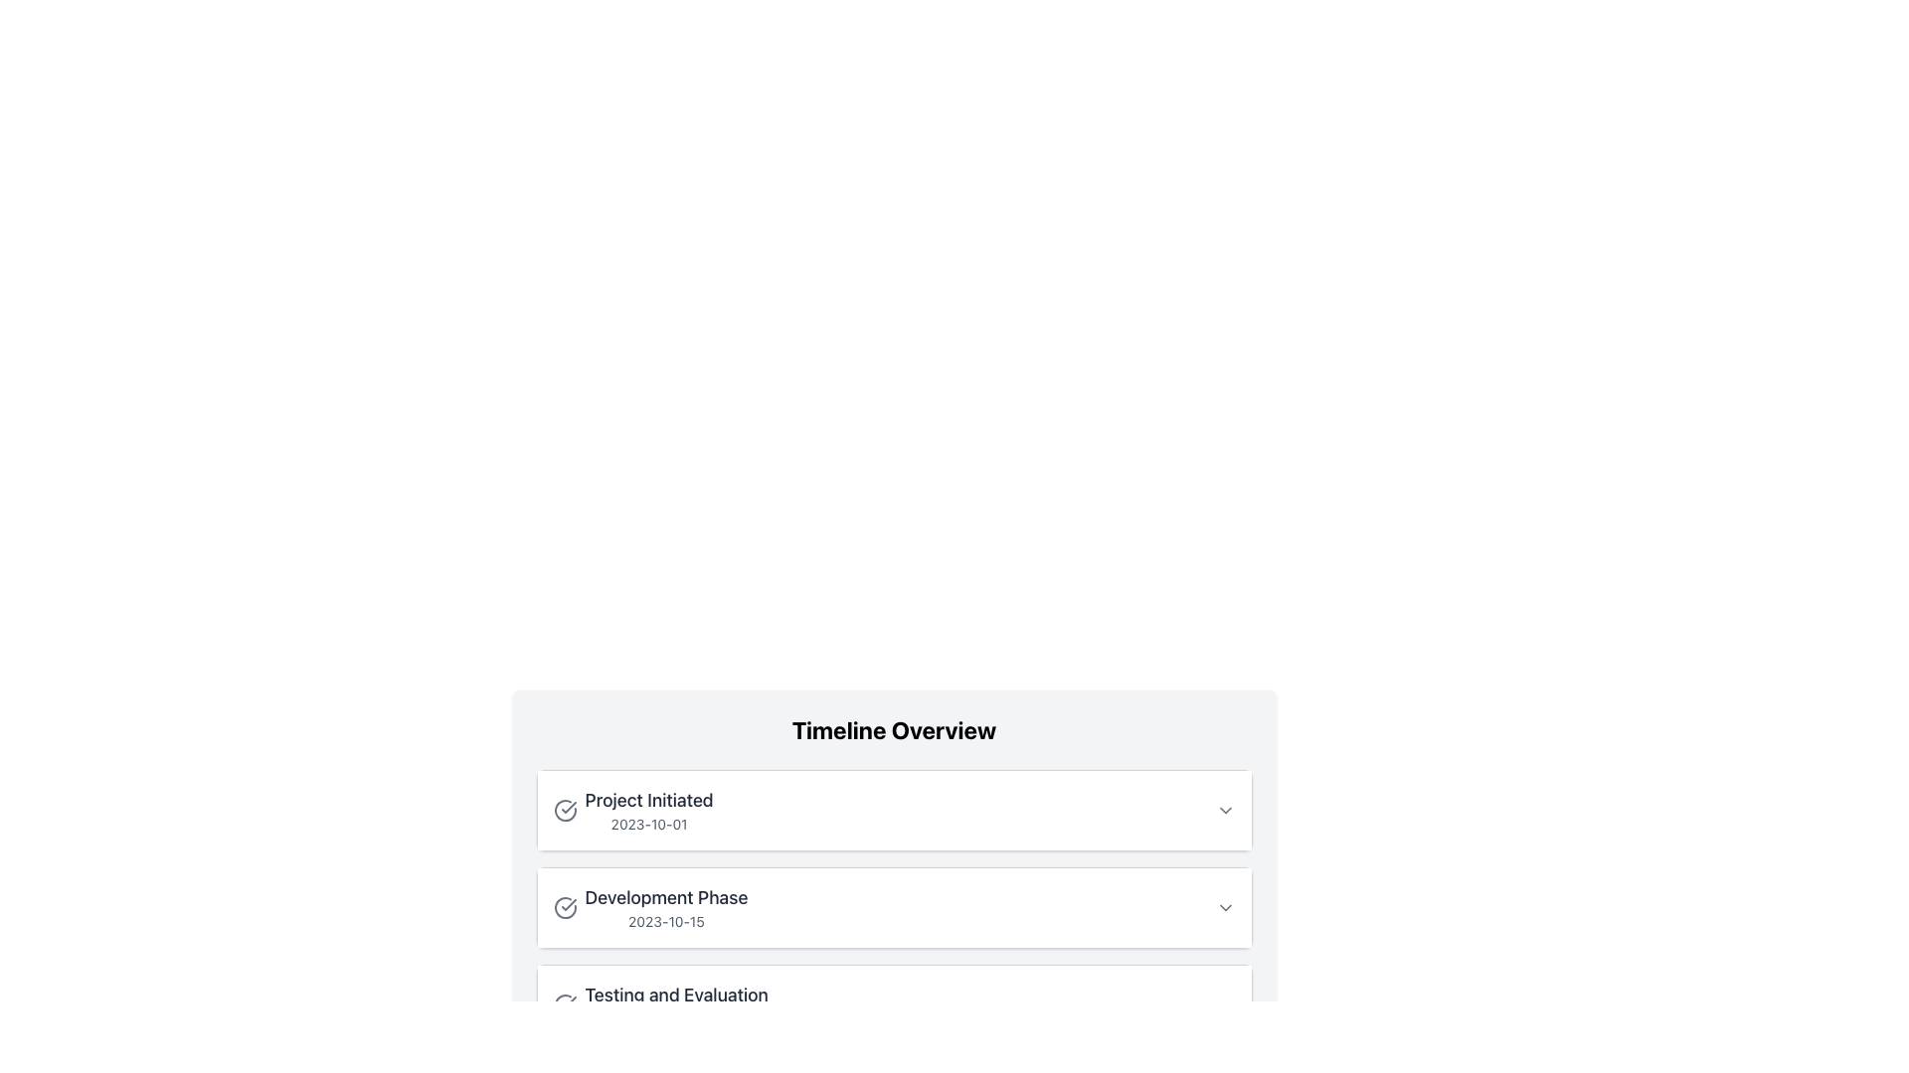 Image resolution: width=1909 pixels, height=1073 pixels. What do you see at coordinates (666, 922) in the screenshot?
I see `the text label indicating the date in the bottom-right section of the 'Development Phase' block` at bounding box center [666, 922].